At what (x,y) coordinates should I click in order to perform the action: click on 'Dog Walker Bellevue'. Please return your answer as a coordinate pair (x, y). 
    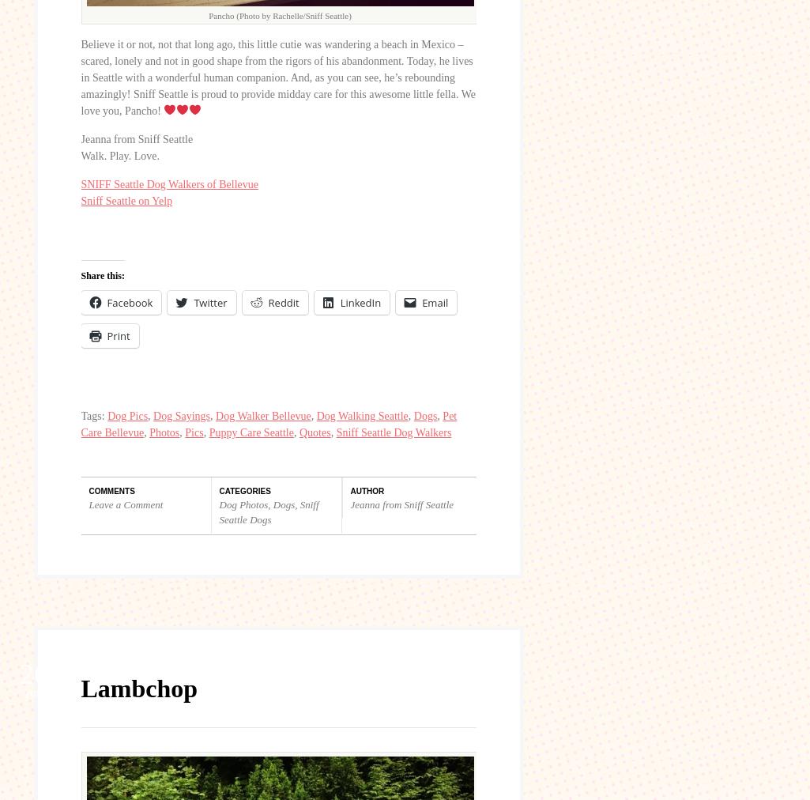
    Looking at the image, I should click on (262, 414).